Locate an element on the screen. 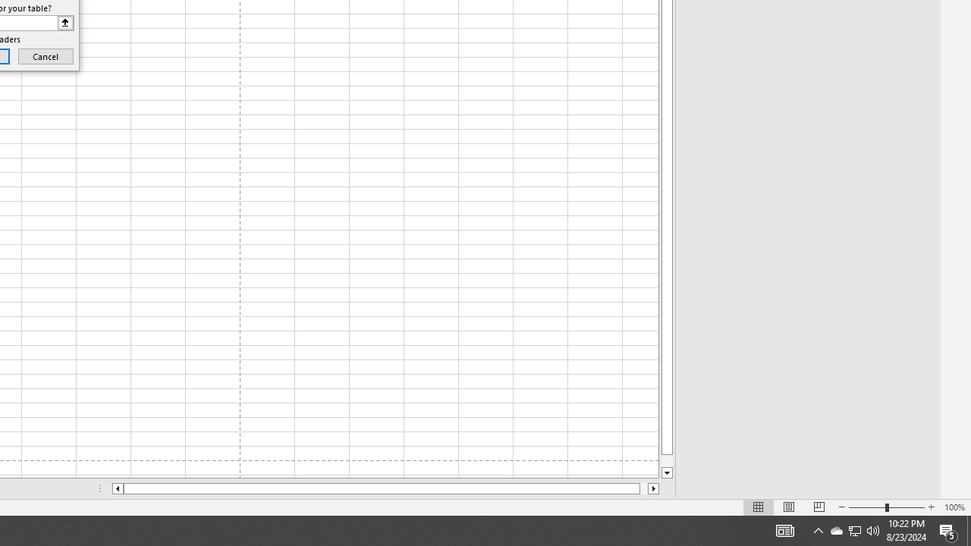 Image resolution: width=971 pixels, height=546 pixels. 'Page right' is located at coordinates (643, 488).